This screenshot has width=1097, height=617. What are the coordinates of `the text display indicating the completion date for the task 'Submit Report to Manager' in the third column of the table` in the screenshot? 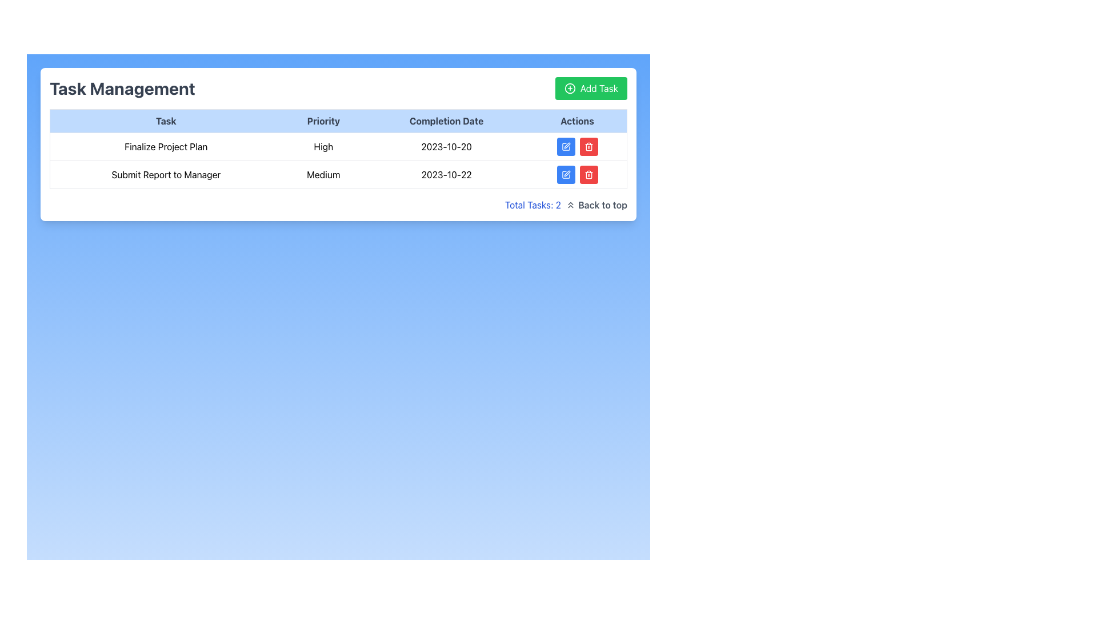 It's located at (446, 174).